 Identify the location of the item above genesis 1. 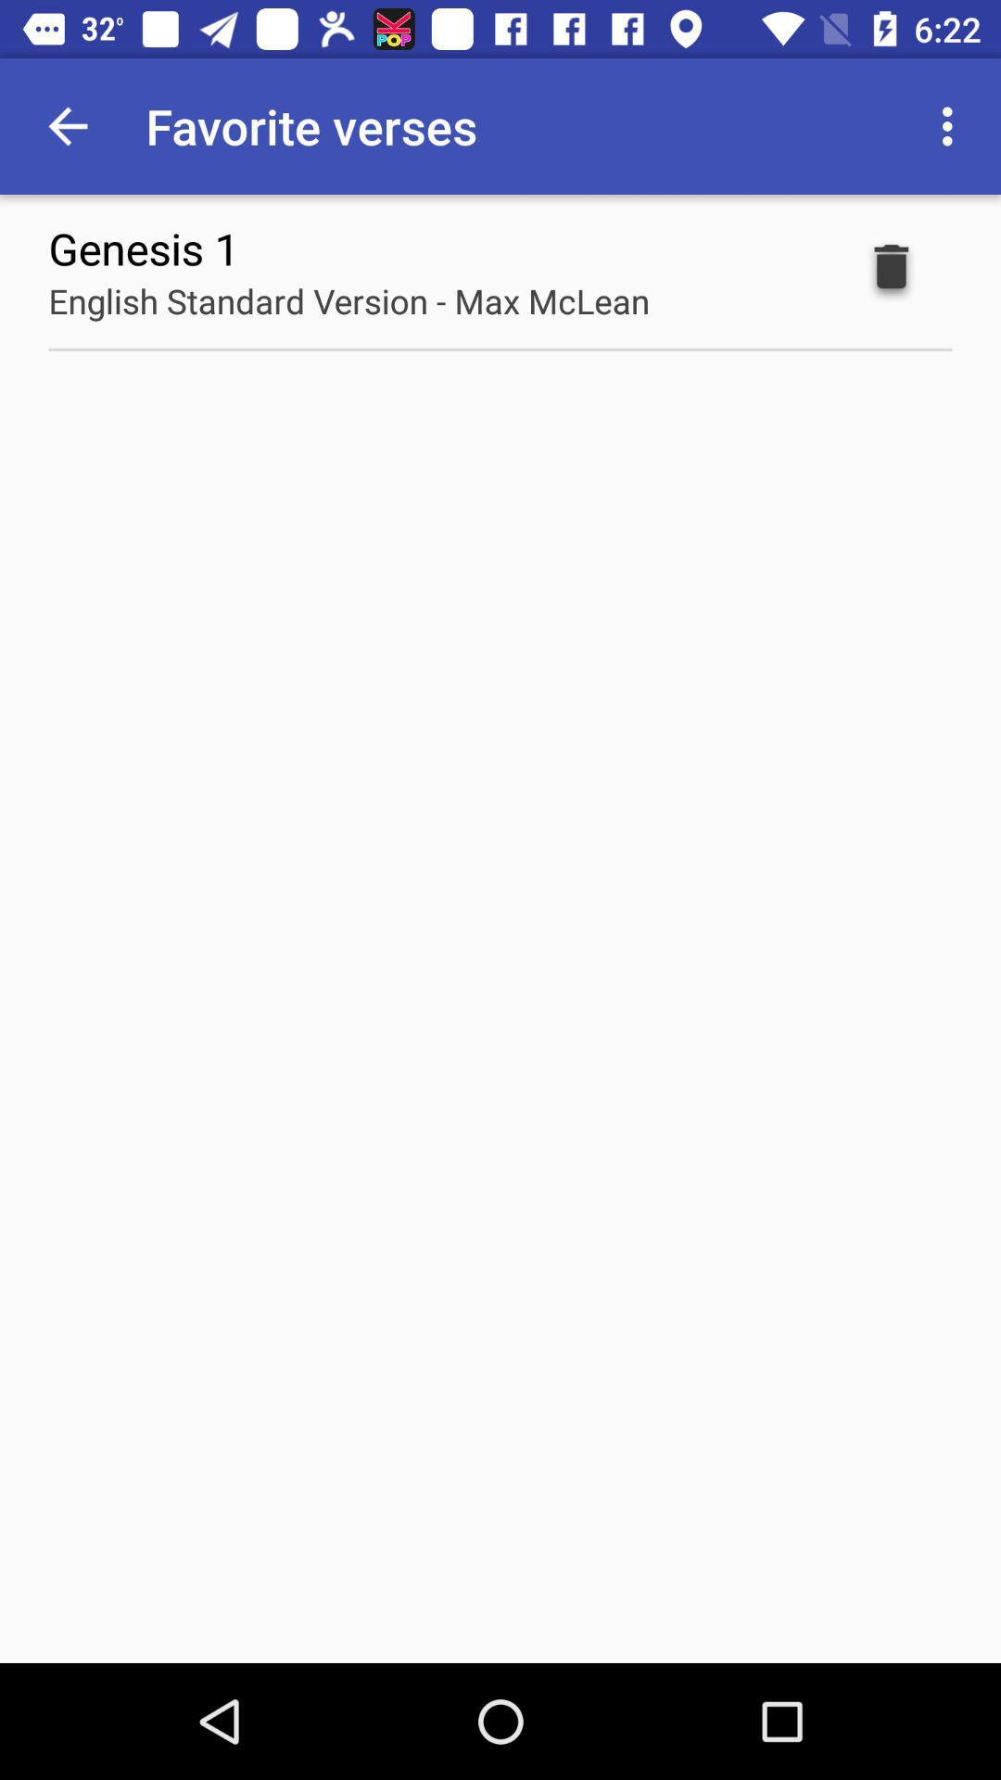
(67, 125).